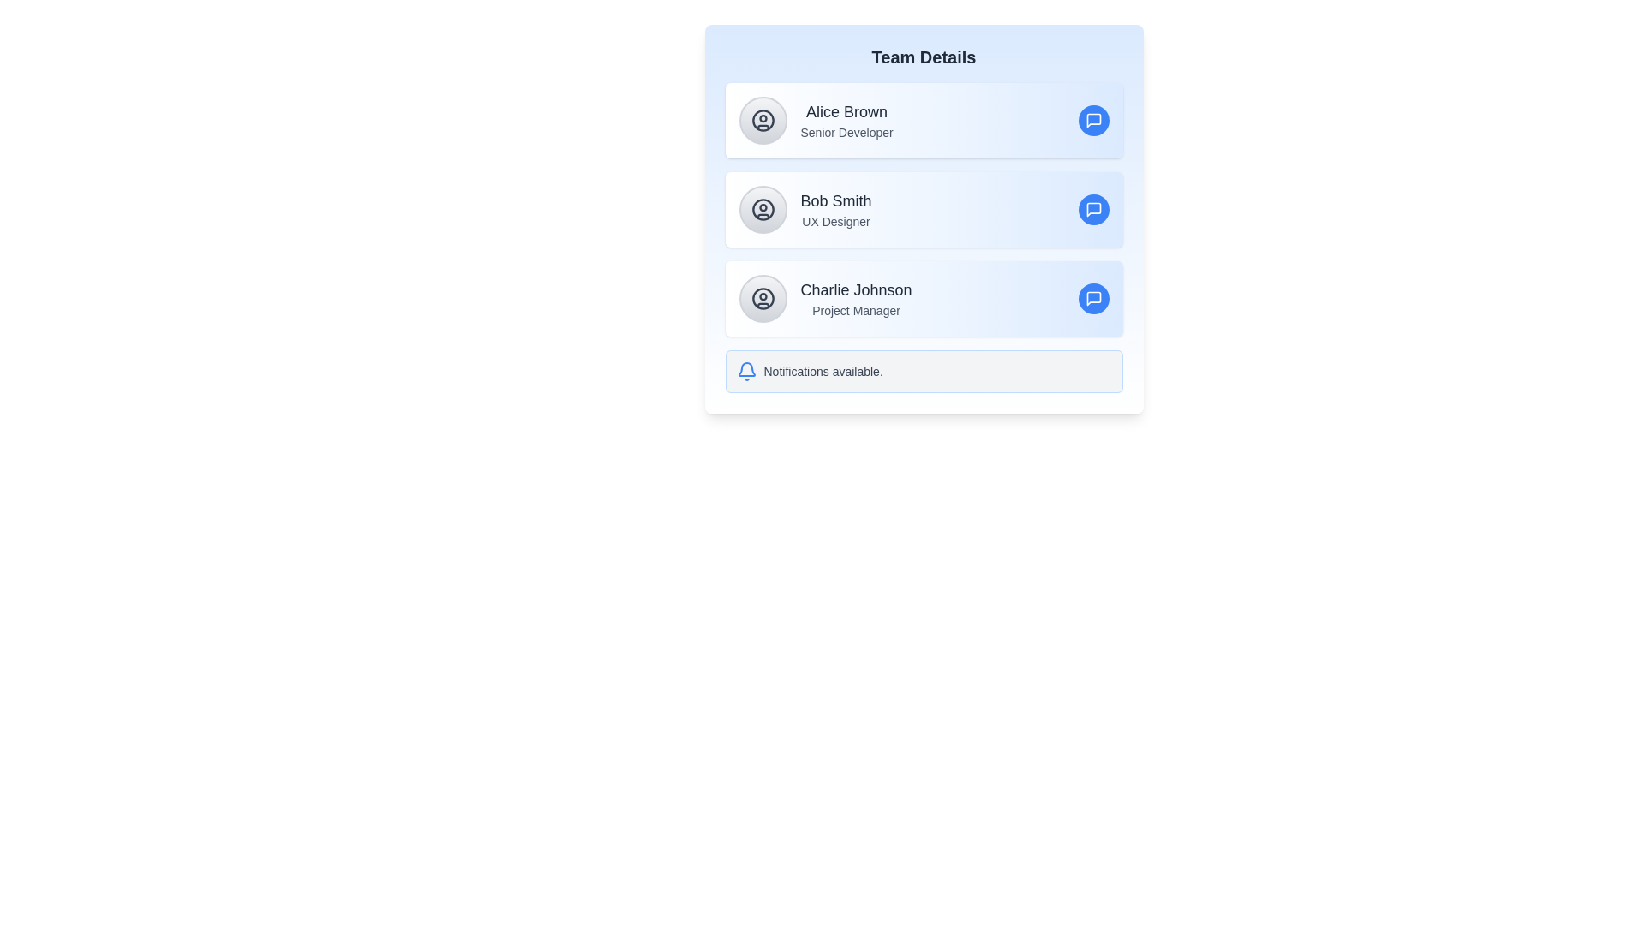 The height and width of the screenshot is (925, 1645). I want to click on the messaging button located at the far right of the card containing 'Bob Smith' and 'UX Designer' to initiate a chat or communication action, so click(1092, 209).